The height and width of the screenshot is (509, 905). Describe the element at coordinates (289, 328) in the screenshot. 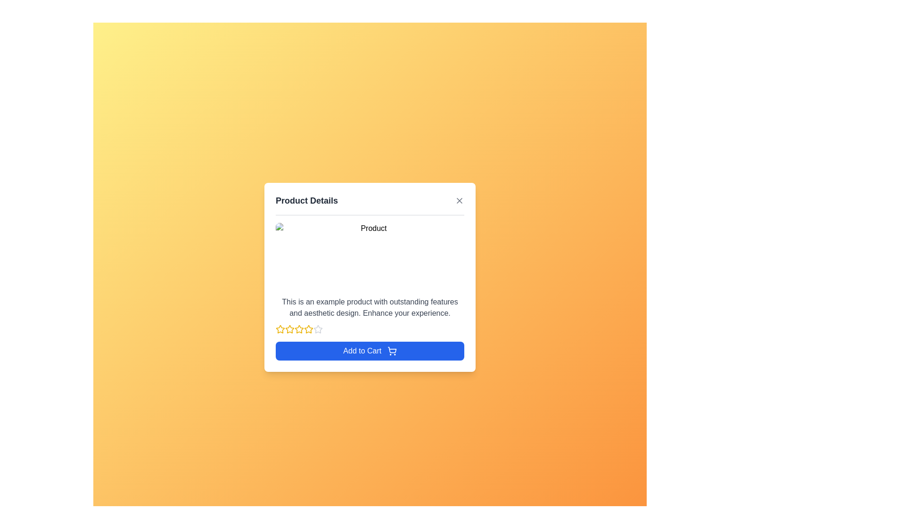

I see `the second star icon in the horizontal rating system, which is a yellow outlined star with a white center` at that location.